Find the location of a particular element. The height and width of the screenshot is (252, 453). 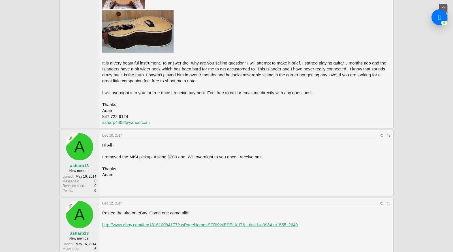

'#3' is located at coordinates (388, 203).